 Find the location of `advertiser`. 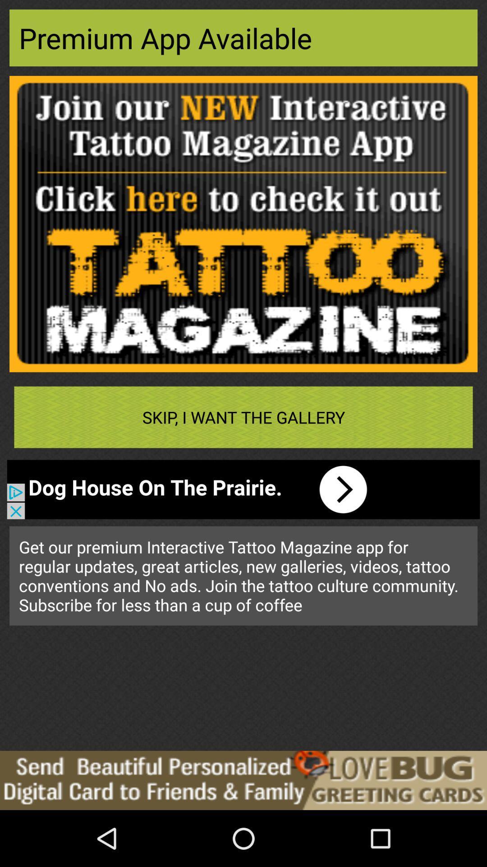

advertiser is located at coordinates (243, 780).